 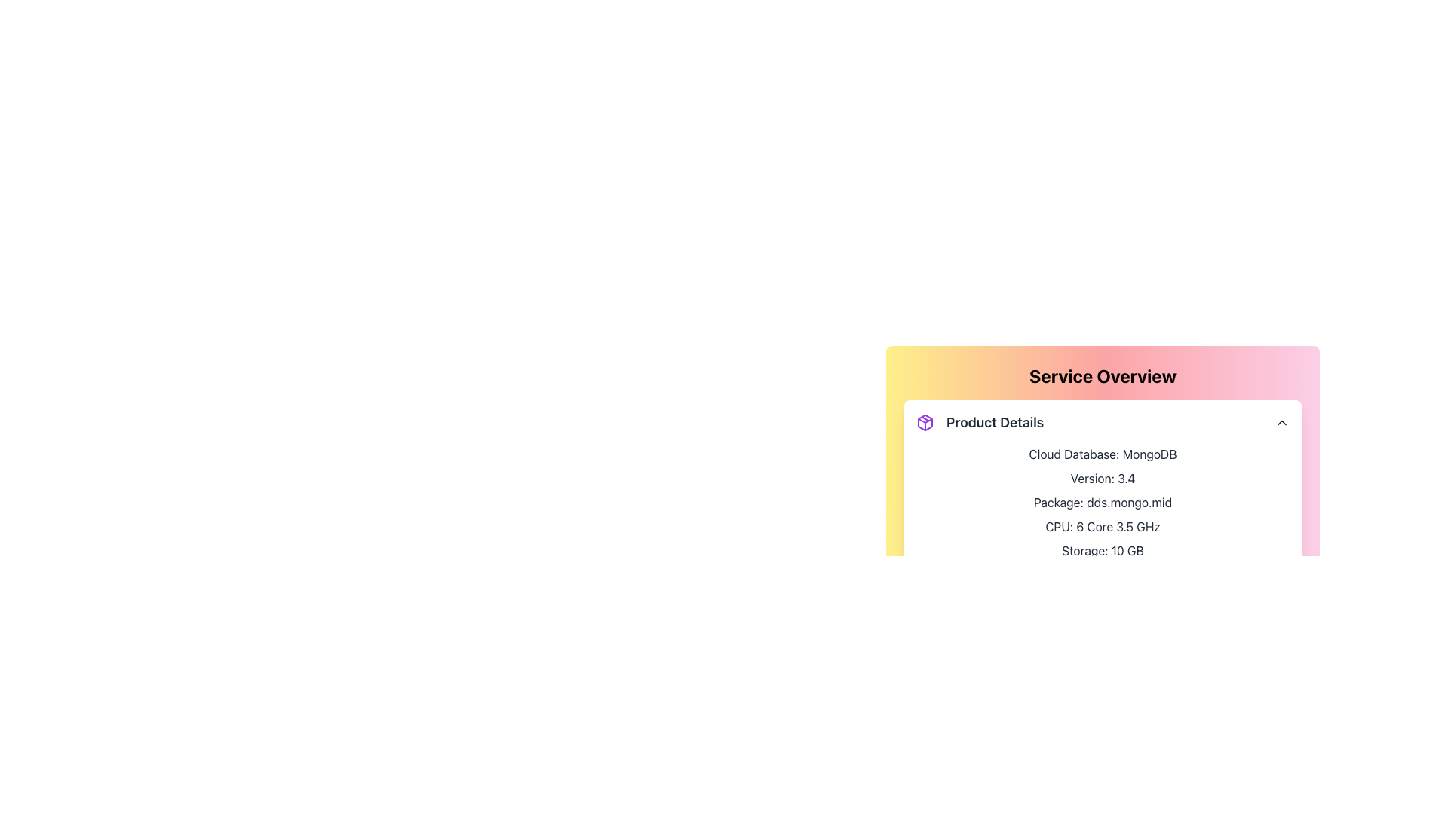 What do you see at coordinates (925, 422) in the screenshot?
I see `the 'Product Details' icon located in the 'Service Overview' card in the bottom-right quadrant of the interface` at bounding box center [925, 422].